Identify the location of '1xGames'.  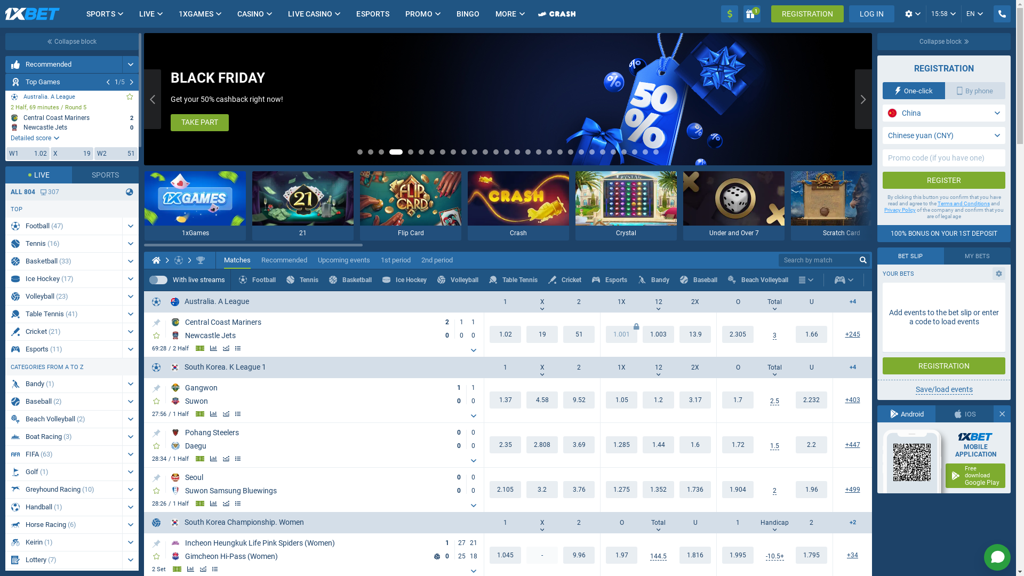
(195, 205).